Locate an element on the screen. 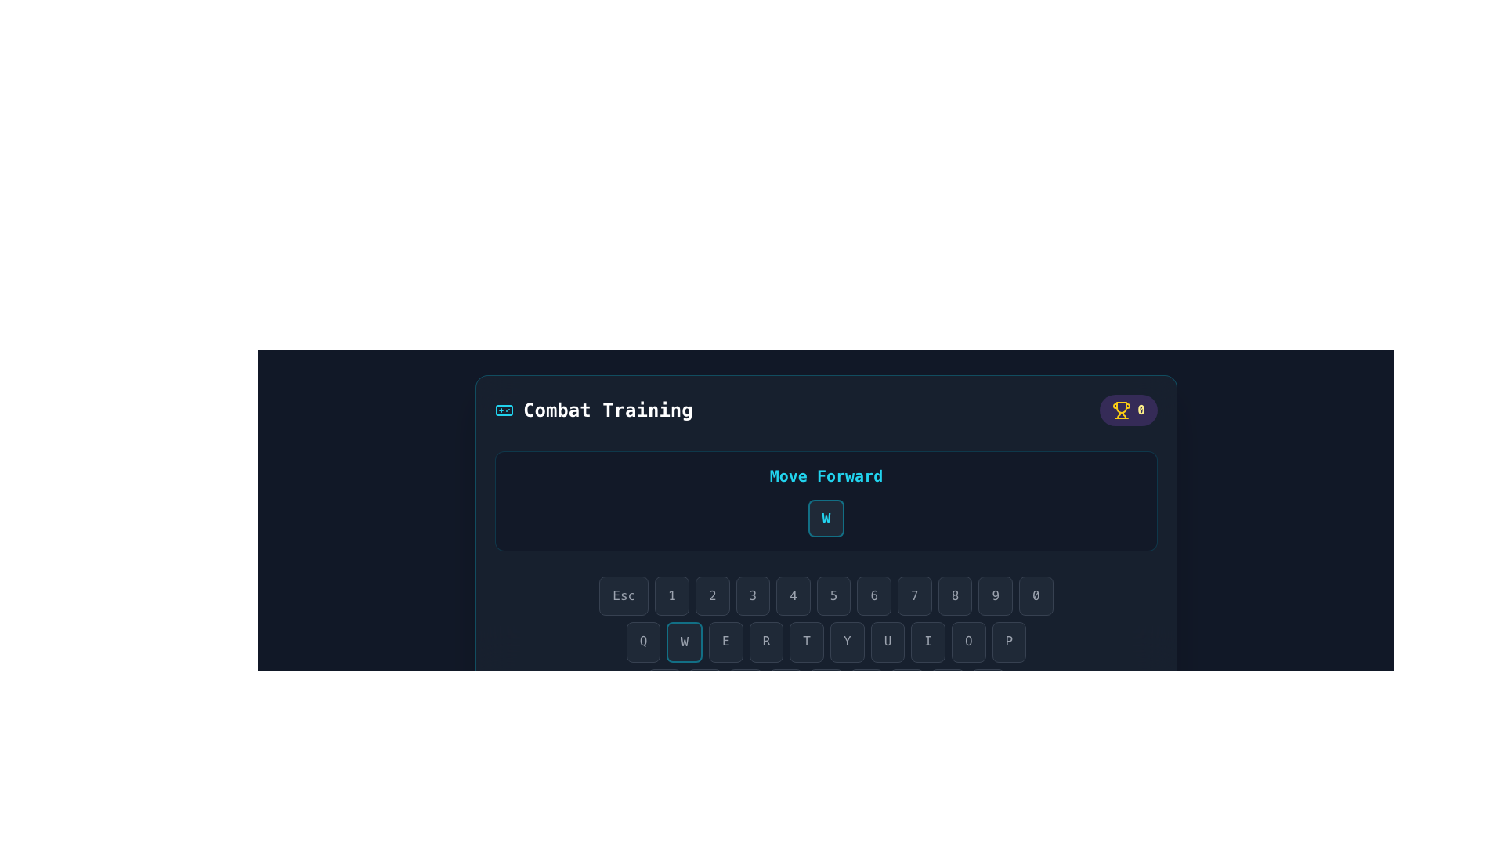  the button labeled 'Q' which is the first button in the second row of the virtual keyboard layout is located at coordinates (643, 642).